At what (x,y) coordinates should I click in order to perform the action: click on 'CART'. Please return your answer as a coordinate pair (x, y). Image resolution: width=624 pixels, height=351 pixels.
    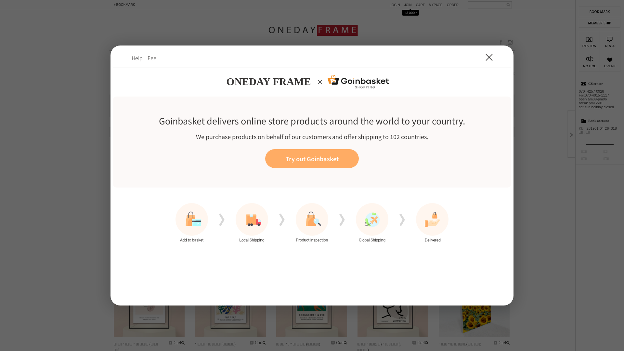
    Looking at the image, I should click on (422, 5).